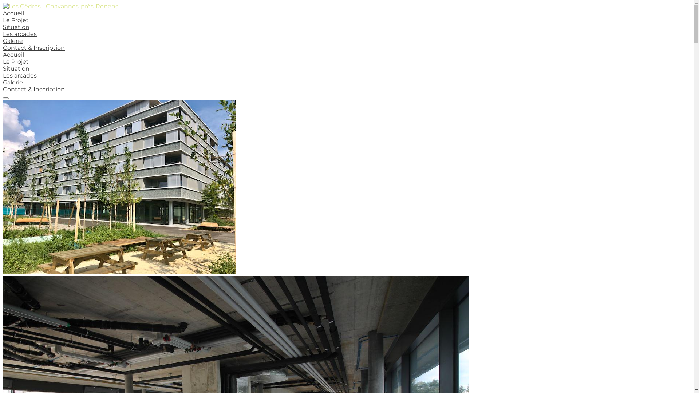 Image resolution: width=699 pixels, height=393 pixels. I want to click on 'Situation', so click(16, 68).